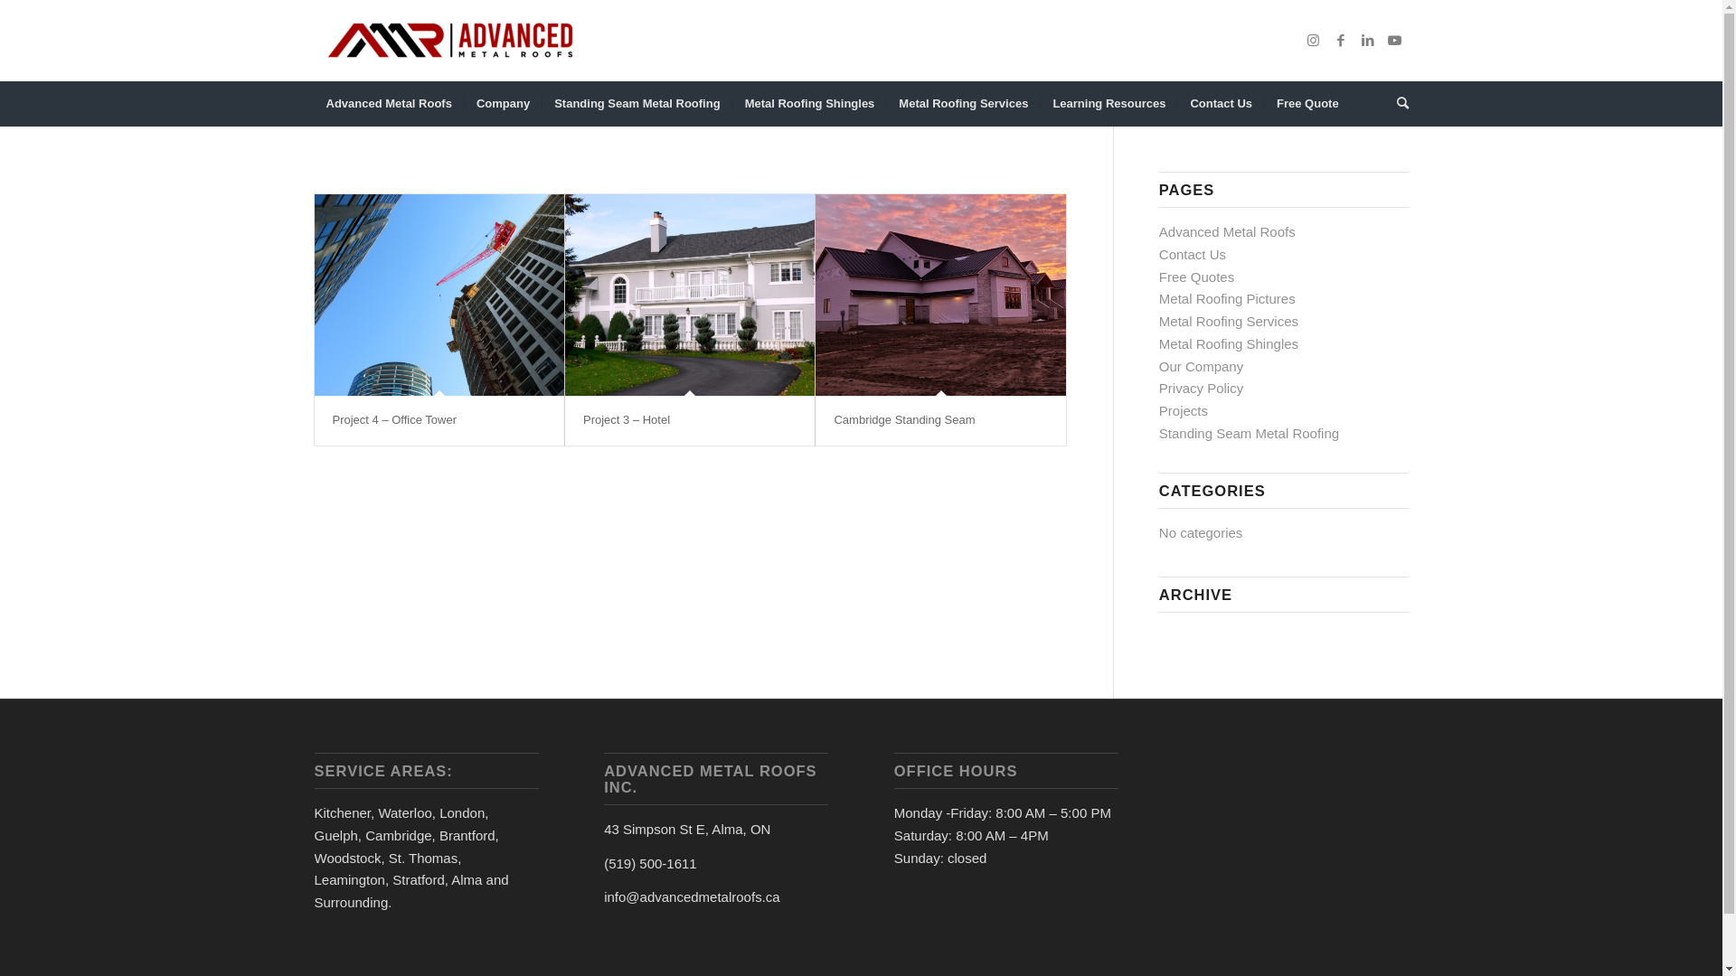 This screenshot has width=1736, height=976. I want to click on 'Instagram', so click(1314, 41).